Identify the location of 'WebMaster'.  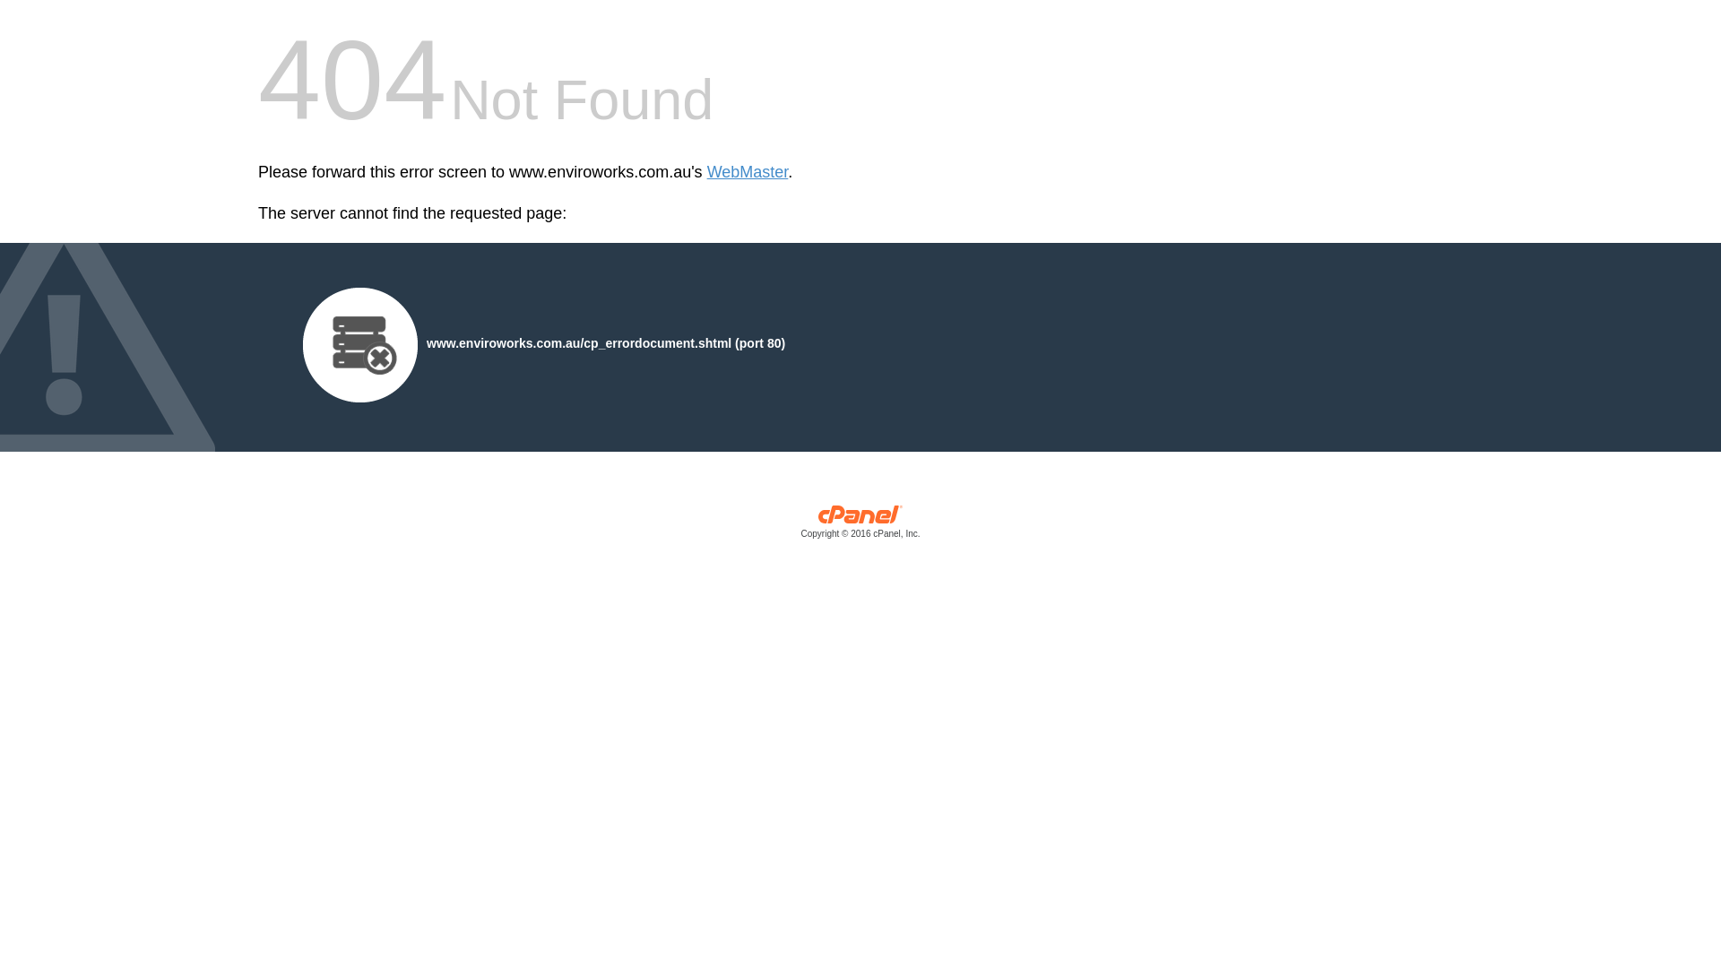
(748, 172).